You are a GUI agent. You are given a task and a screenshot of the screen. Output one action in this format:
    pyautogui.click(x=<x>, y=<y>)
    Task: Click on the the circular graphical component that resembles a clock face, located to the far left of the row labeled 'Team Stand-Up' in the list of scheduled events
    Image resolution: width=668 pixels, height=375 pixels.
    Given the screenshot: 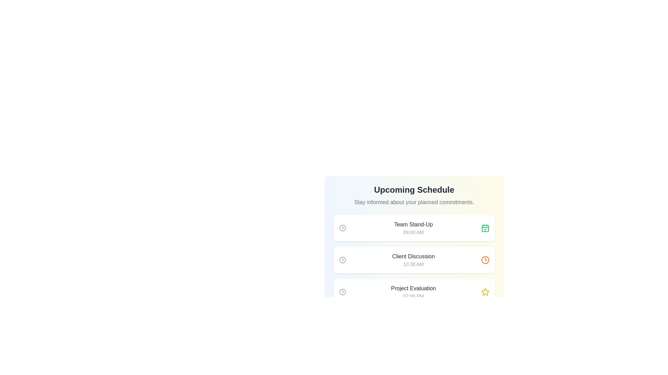 What is the action you would take?
    pyautogui.click(x=342, y=228)
    